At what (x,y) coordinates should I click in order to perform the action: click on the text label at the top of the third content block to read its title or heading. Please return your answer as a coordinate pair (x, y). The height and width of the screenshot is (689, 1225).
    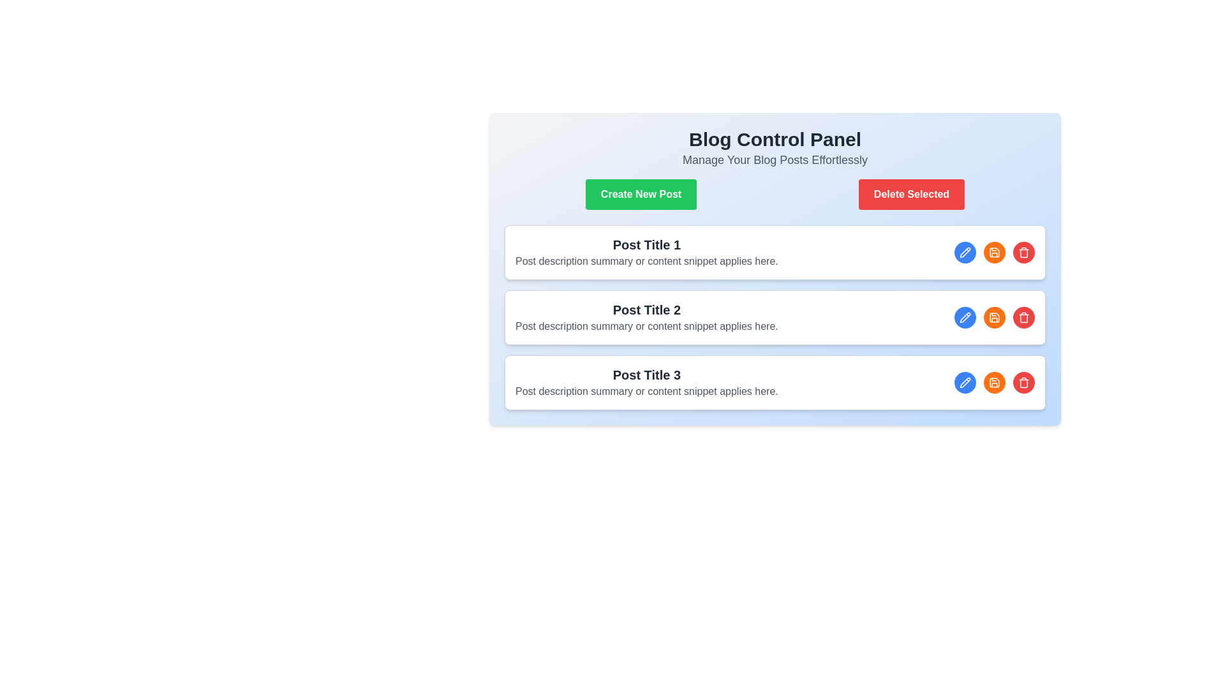
    Looking at the image, I should click on (646, 374).